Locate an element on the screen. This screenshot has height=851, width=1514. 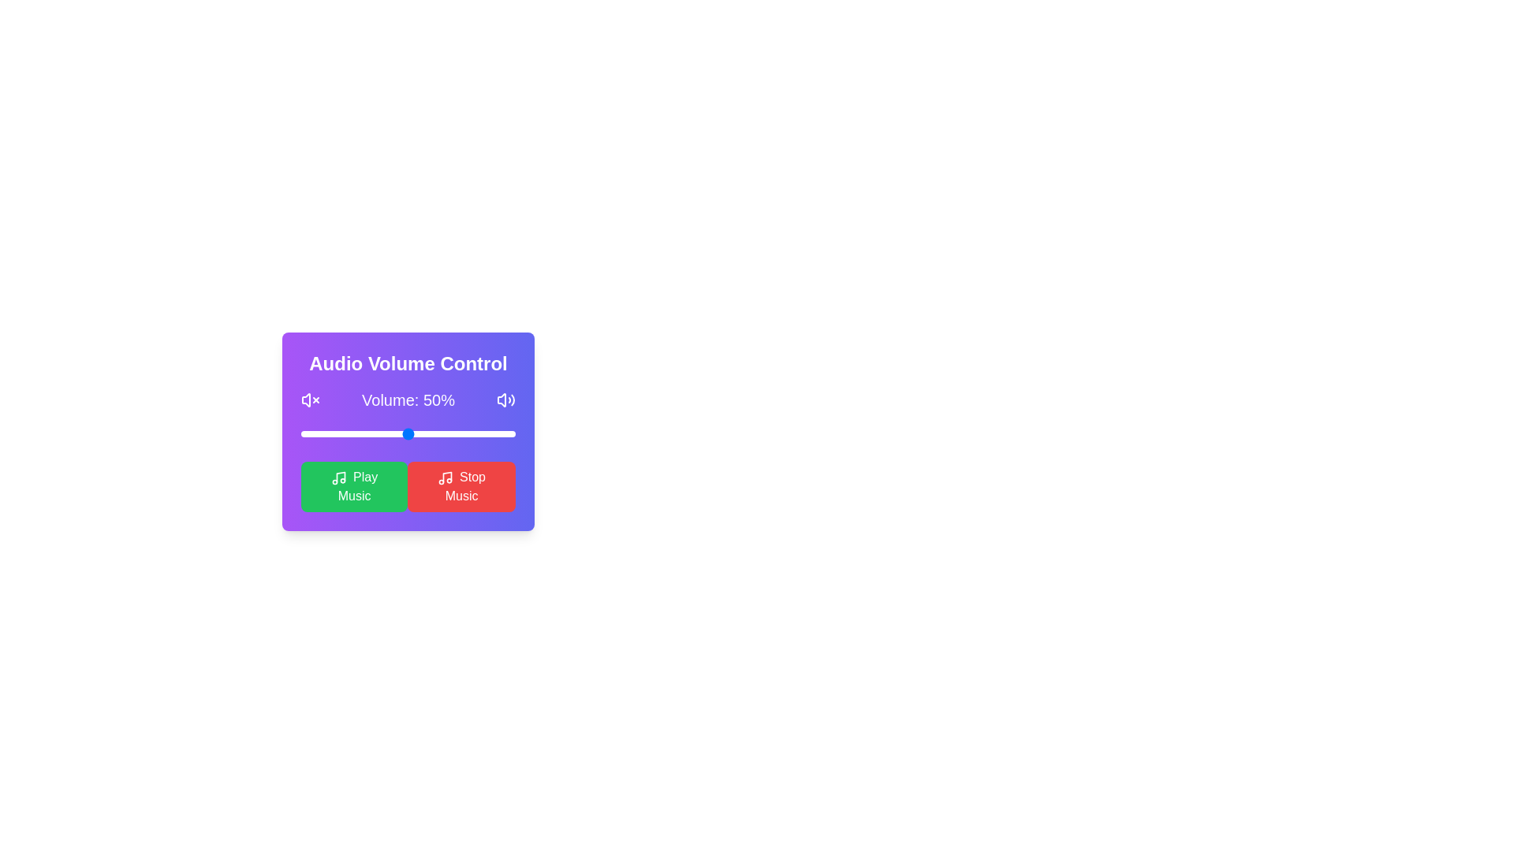
the horizontal slider in the 'Audio Volume Control' section, which has a white background and a knob-like handle, located below 'Volume: 50%' is located at coordinates (408, 434).